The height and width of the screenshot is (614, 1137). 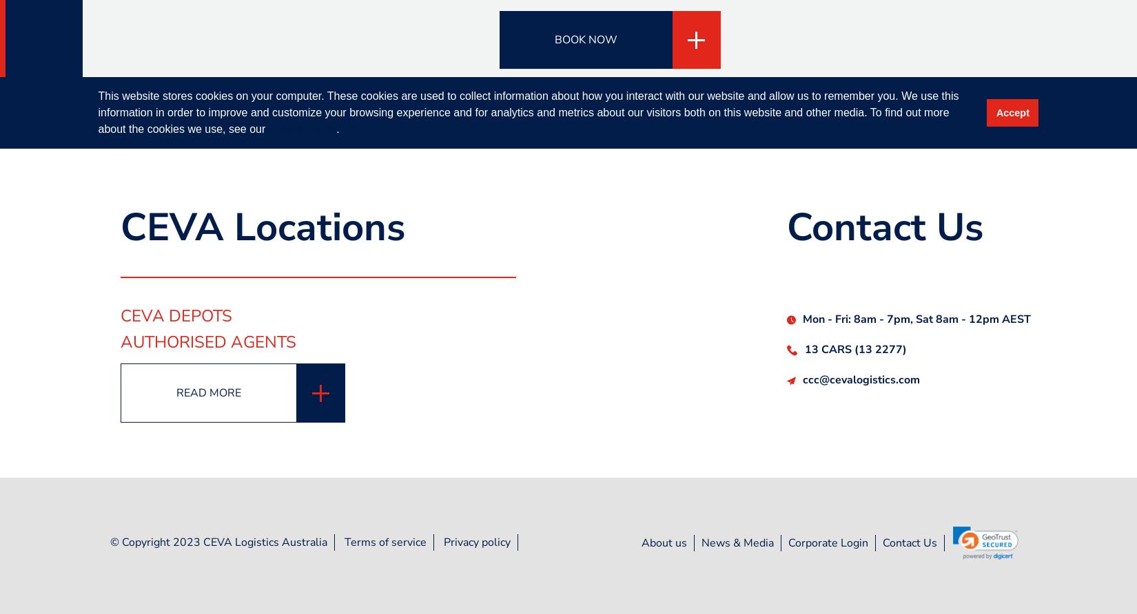 What do you see at coordinates (218, 541) in the screenshot?
I see `'© Copyright 2023 CEVA Logistics Australia'` at bounding box center [218, 541].